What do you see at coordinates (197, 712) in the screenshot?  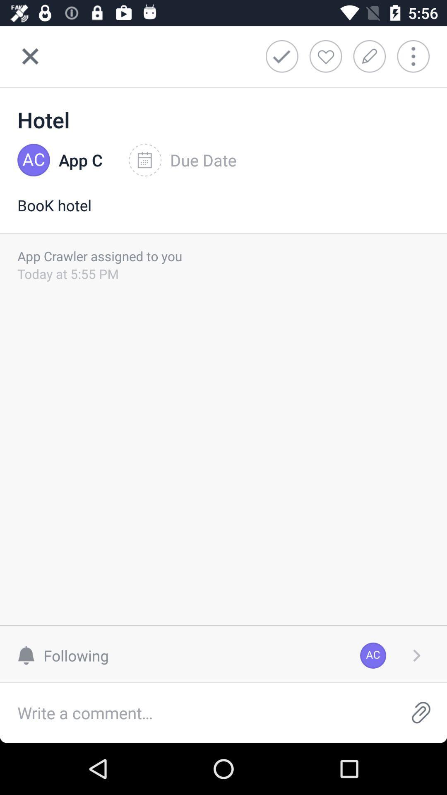 I see `comments option` at bounding box center [197, 712].